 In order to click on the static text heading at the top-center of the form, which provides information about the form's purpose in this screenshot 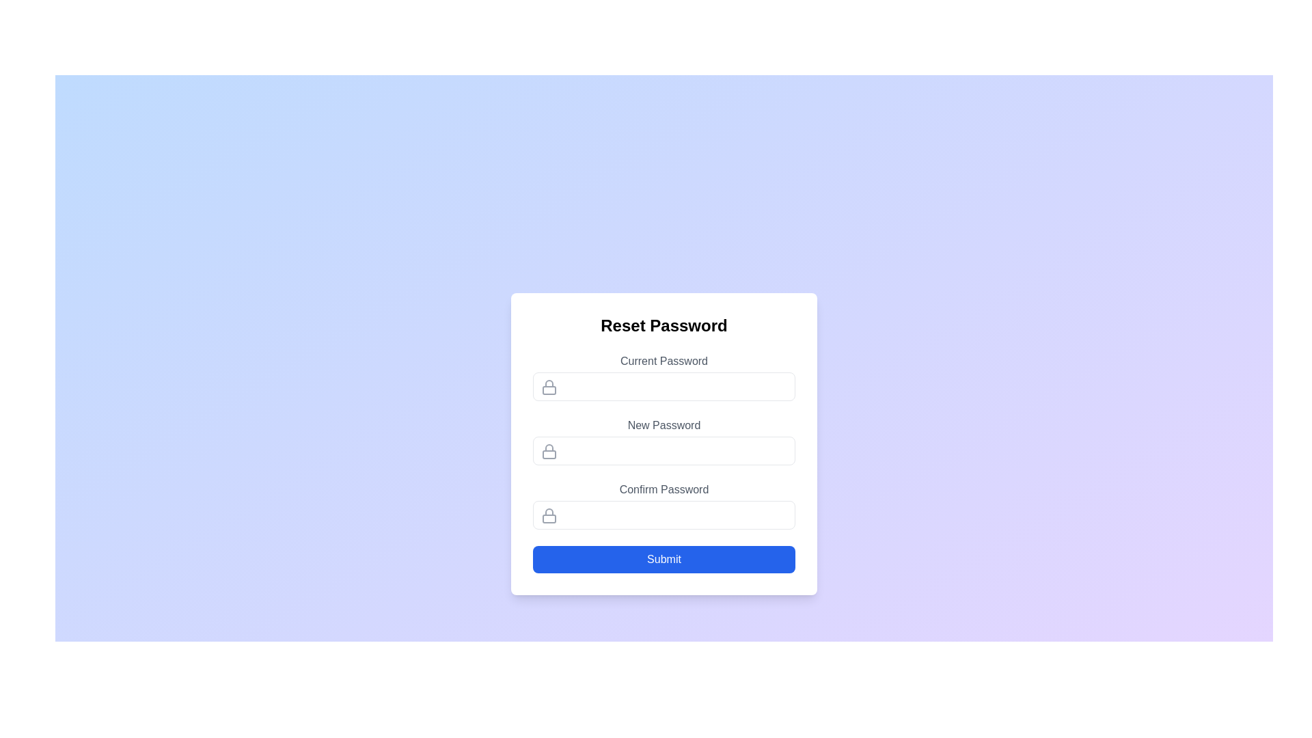, I will do `click(664, 326)`.